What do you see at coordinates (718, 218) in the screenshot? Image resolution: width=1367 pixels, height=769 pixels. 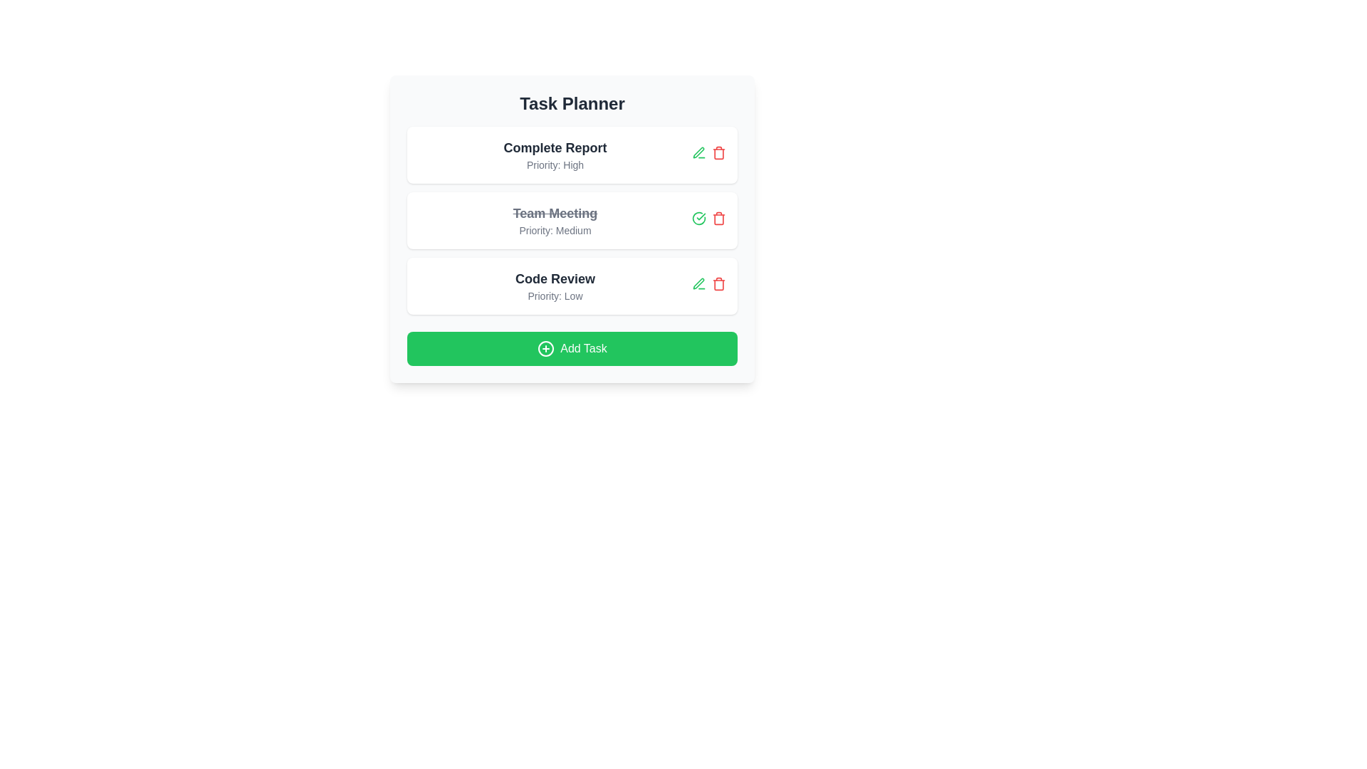 I see `the delete button for the task with title Team Meeting` at bounding box center [718, 218].